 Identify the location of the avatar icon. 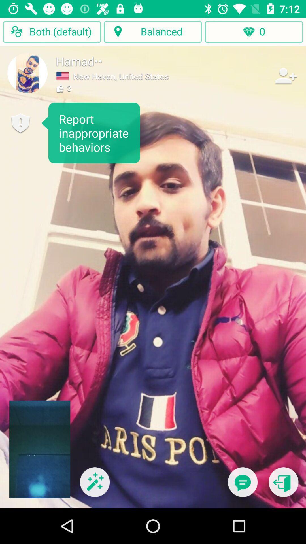
(27, 73).